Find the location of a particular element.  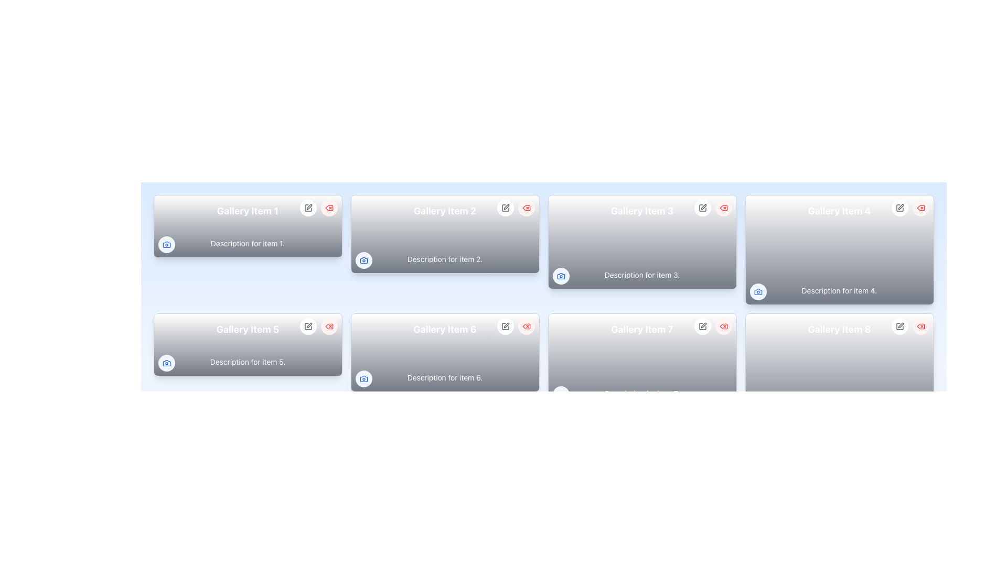

the blue camera icon rendered as an SVG located in the bottom-left corner of 'Gallery Item 4' is located at coordinates (758, 291).